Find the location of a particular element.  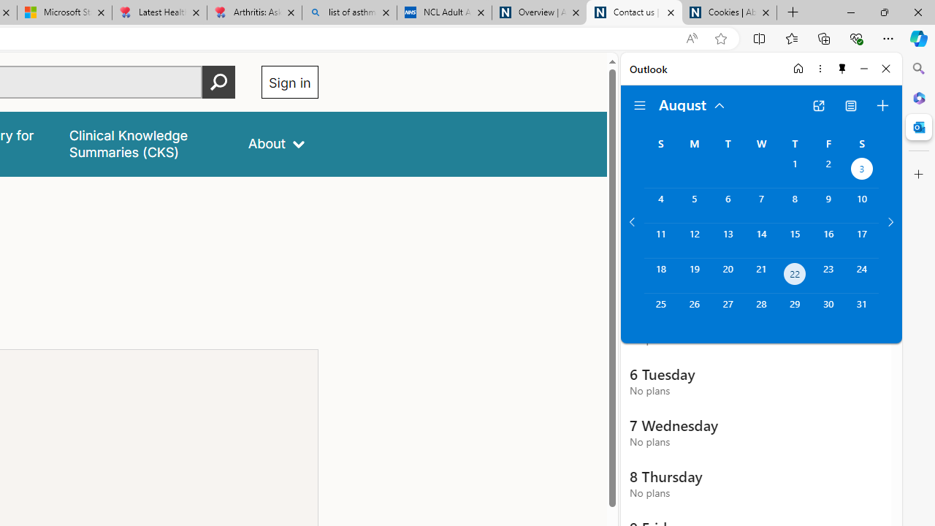

'Perform search' is located at coordinates (218, 82).